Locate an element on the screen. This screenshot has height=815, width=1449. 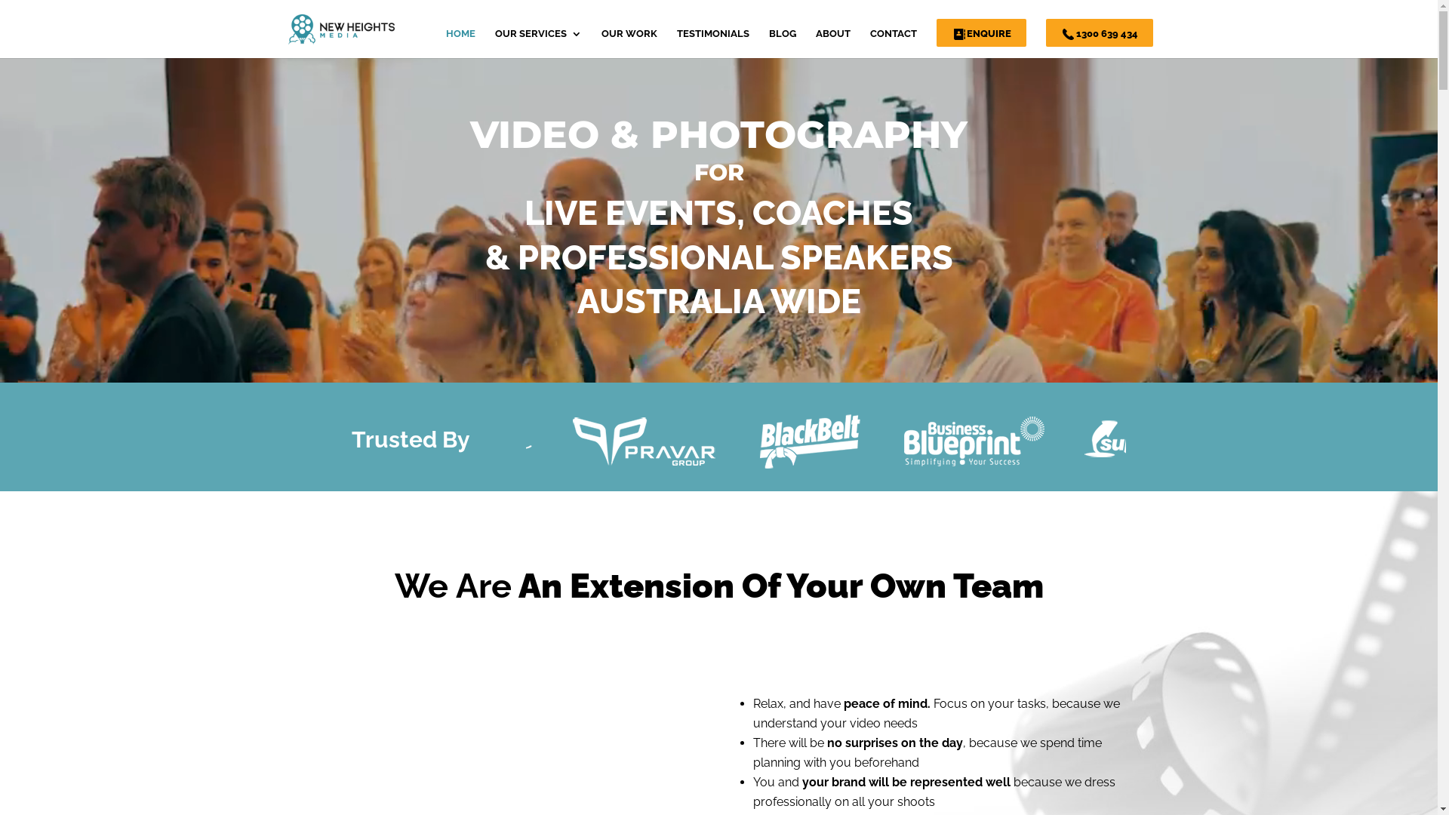
'OUR WORK' is located at coordinates (629, 42).